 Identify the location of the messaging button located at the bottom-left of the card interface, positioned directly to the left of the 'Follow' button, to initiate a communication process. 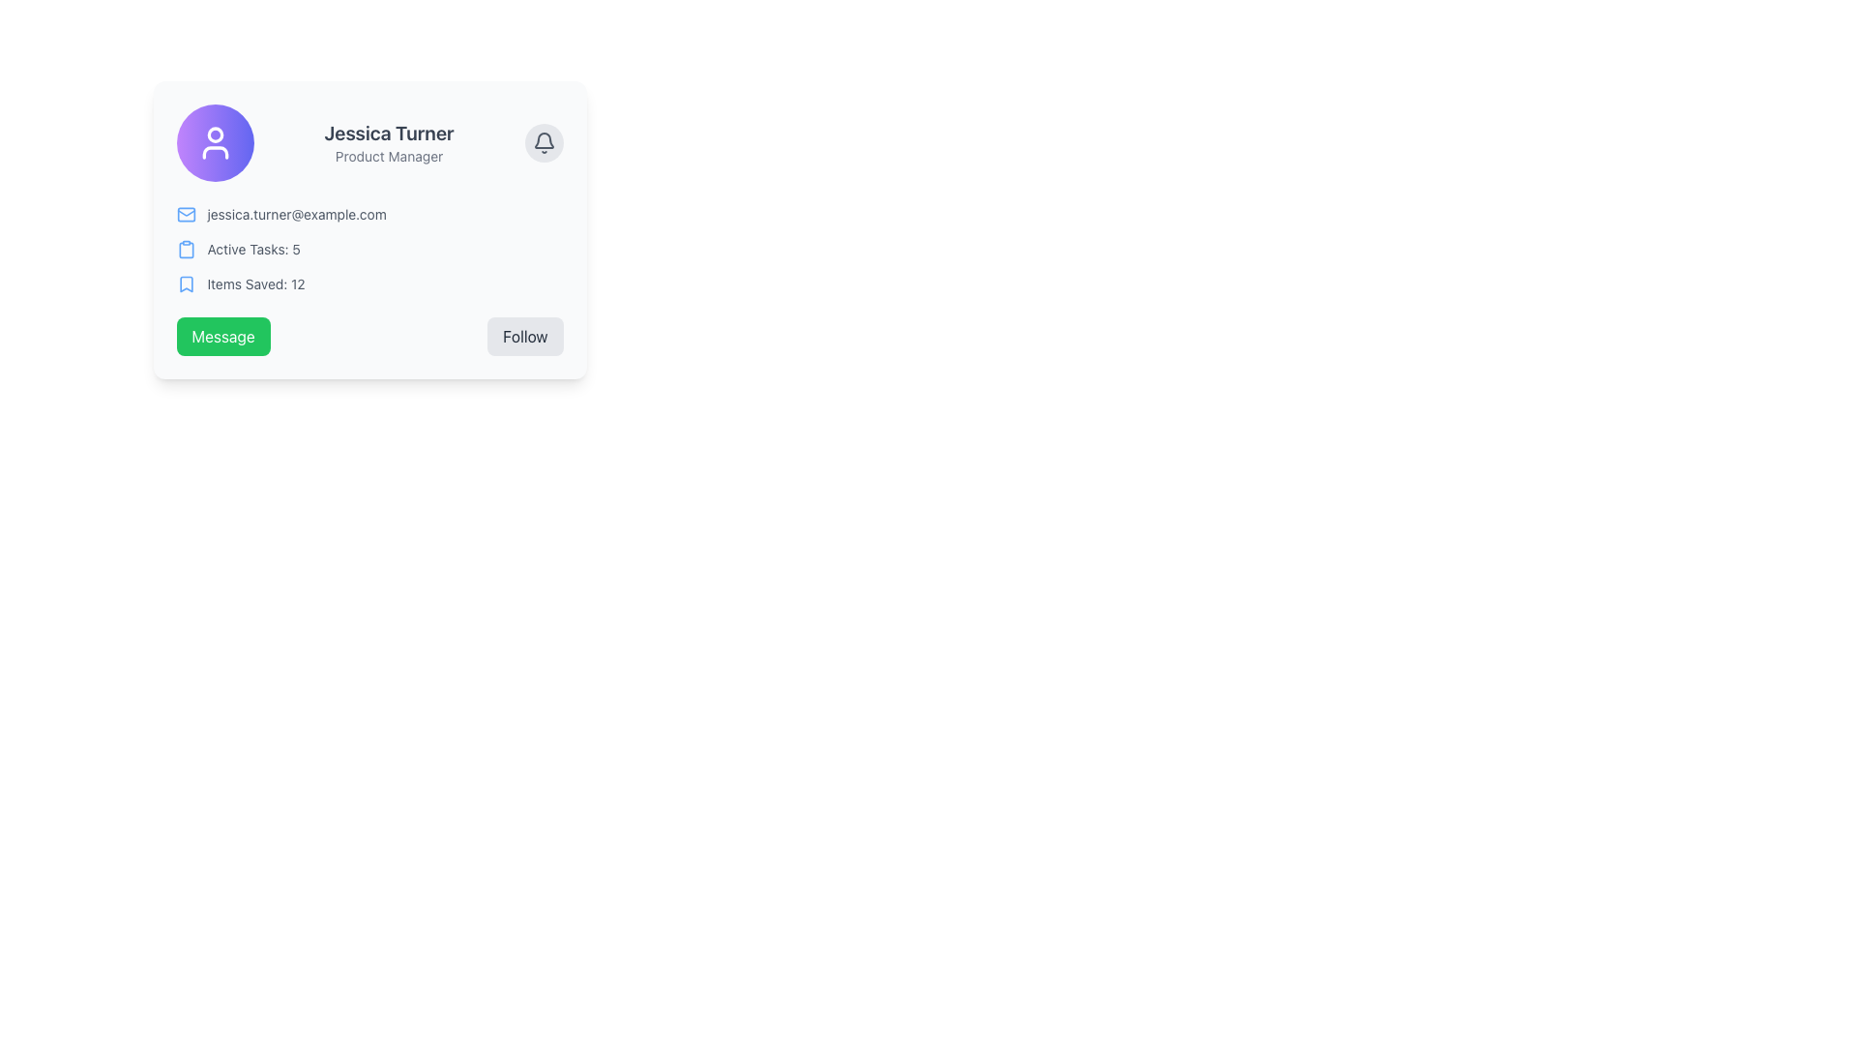
(223, 335).